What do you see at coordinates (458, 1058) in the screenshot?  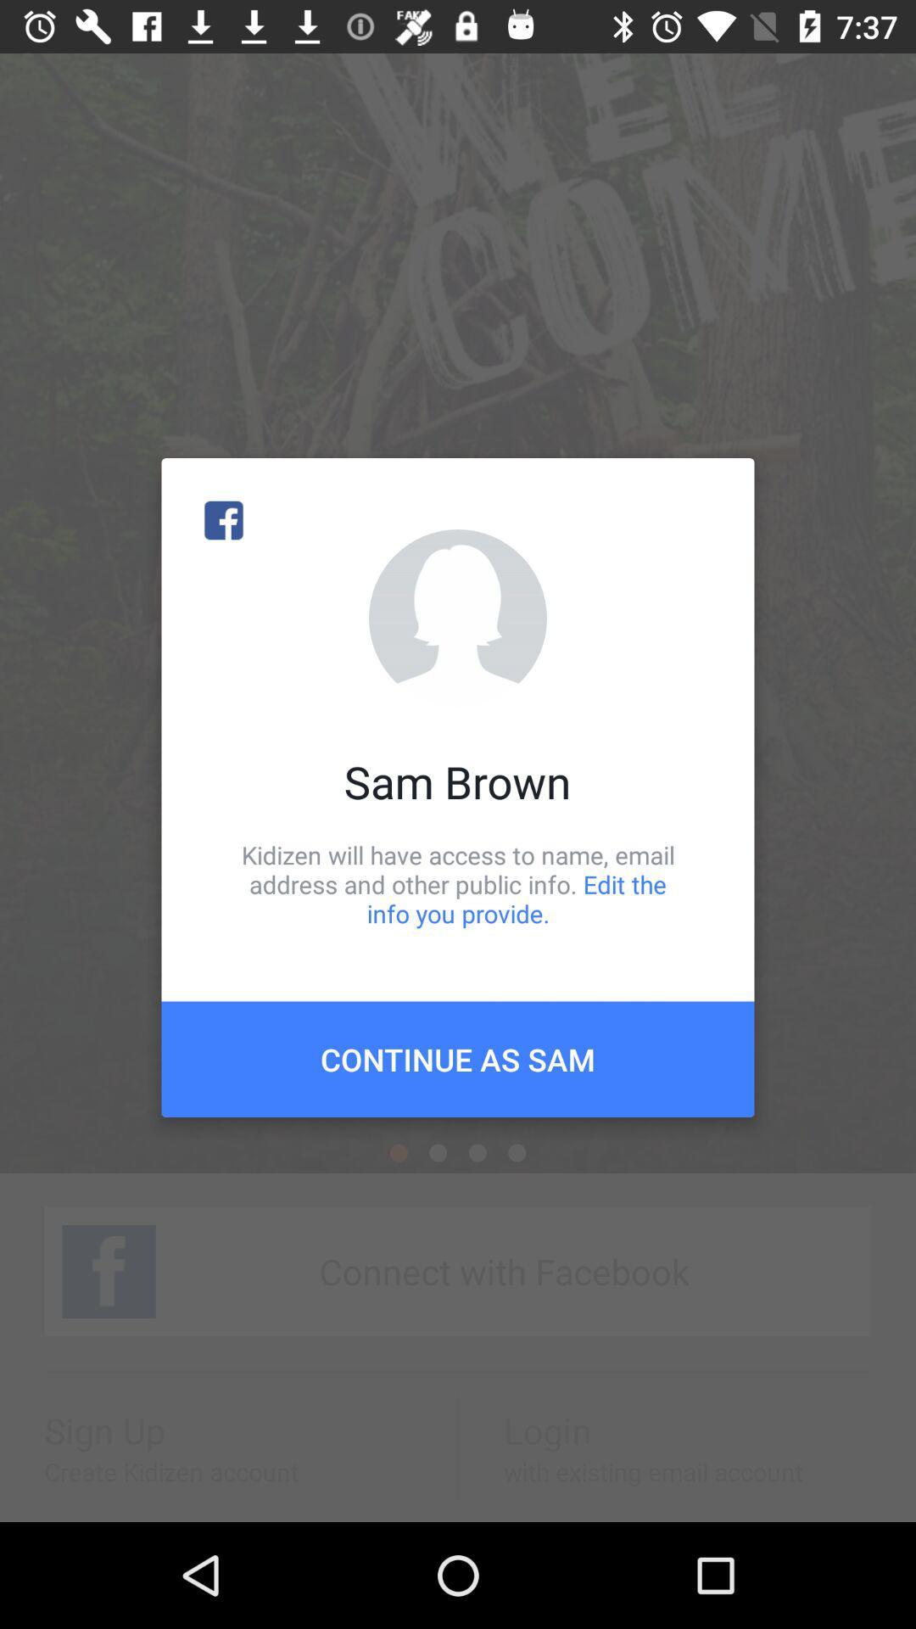 I see `the continue as sam icon` at bounding box center [458, 1058].